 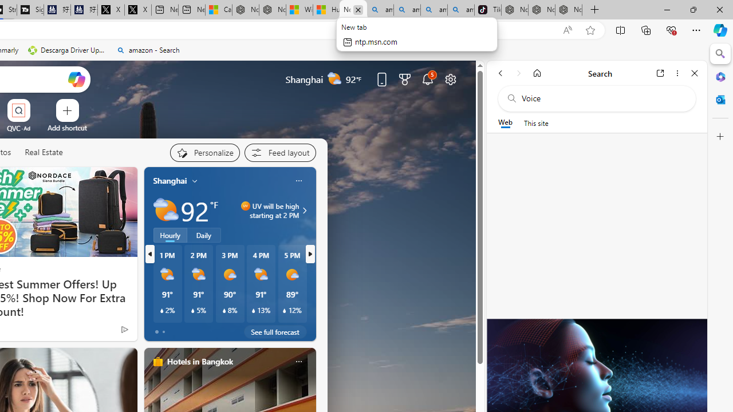 What do you see at coordinates (279, 152) in the screenshot?
I see `'Feed settings'` at bounding box center [279, 152].